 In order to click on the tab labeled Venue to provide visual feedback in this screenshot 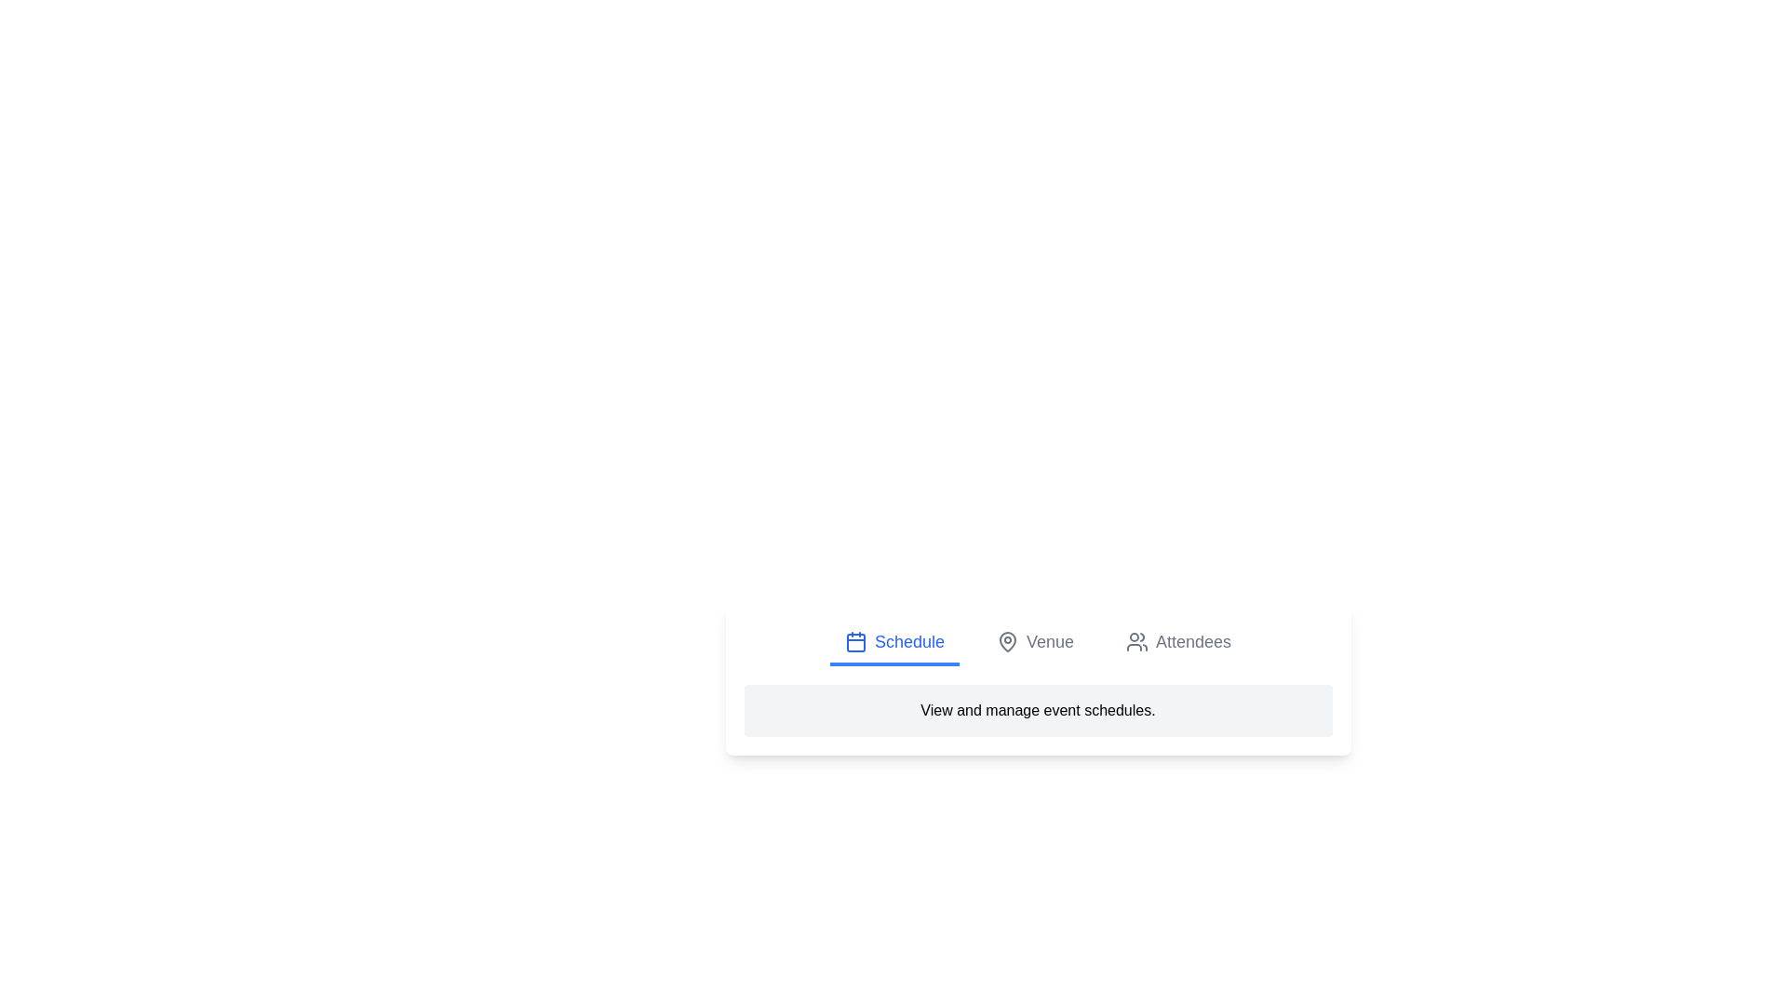, I will do `click(1034, 642)`.